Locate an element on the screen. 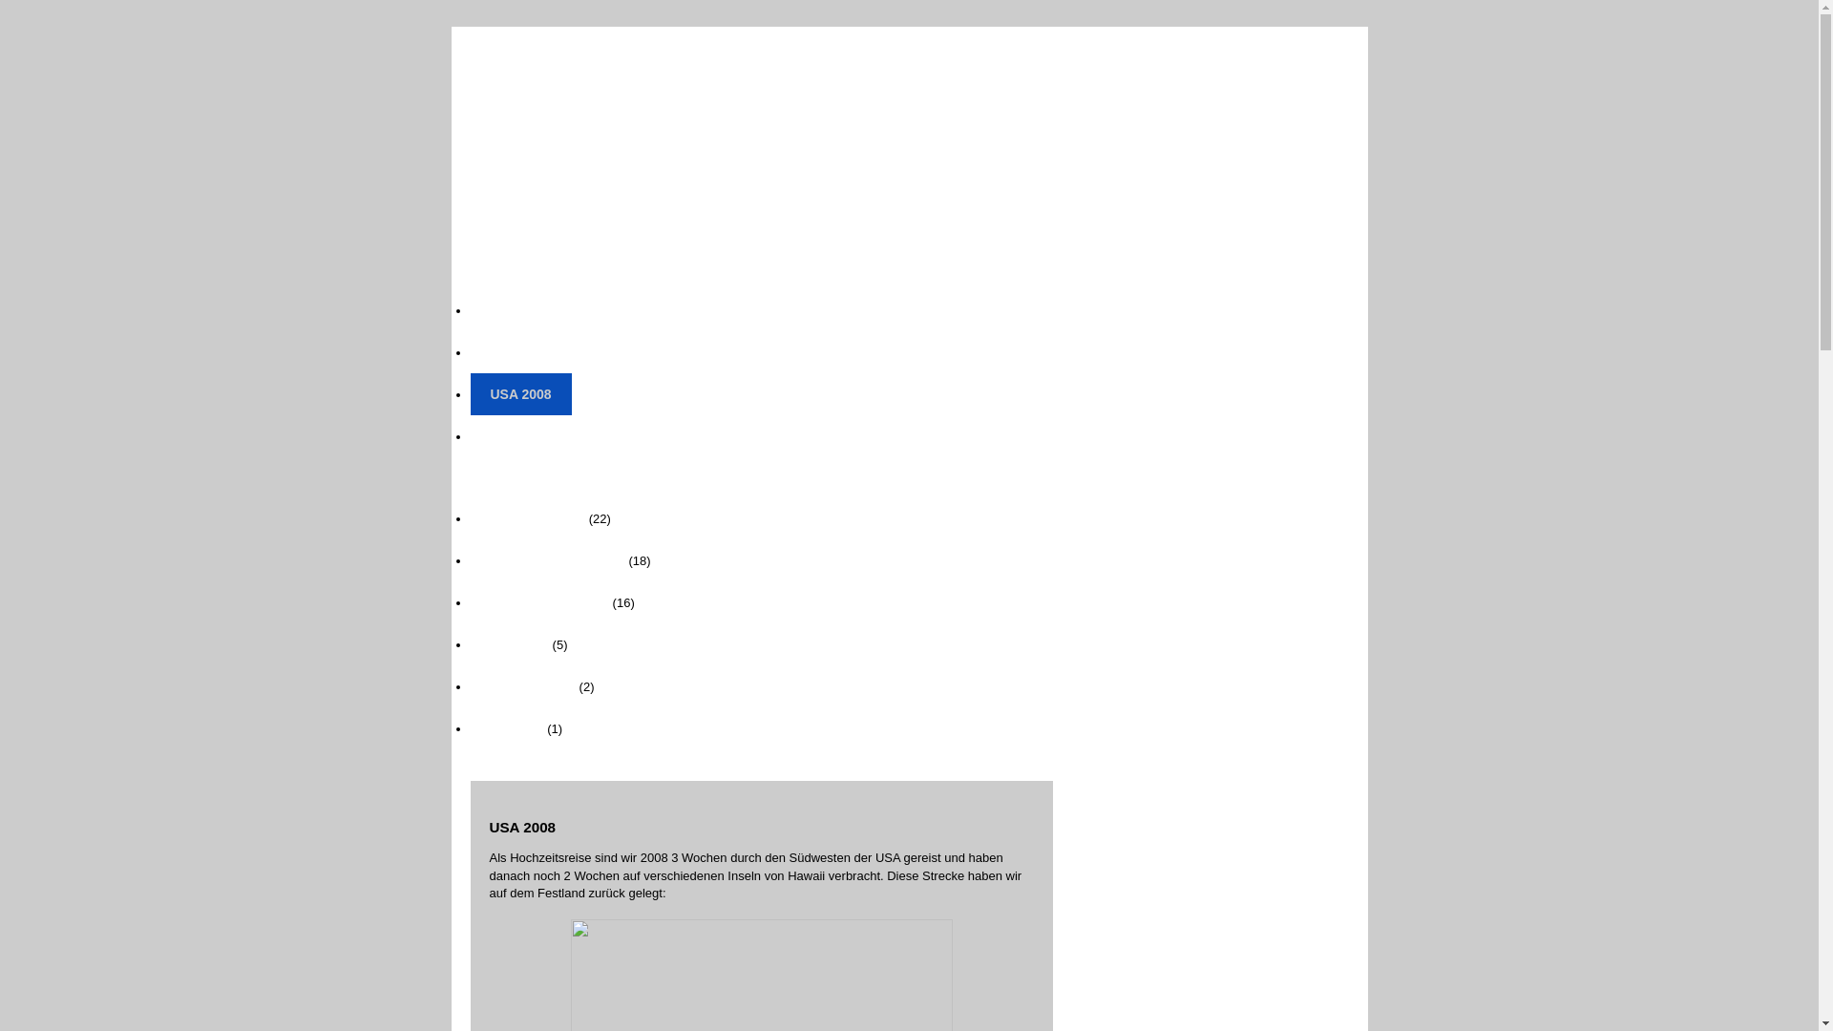  'Home' is located at coordinates (508, 308).